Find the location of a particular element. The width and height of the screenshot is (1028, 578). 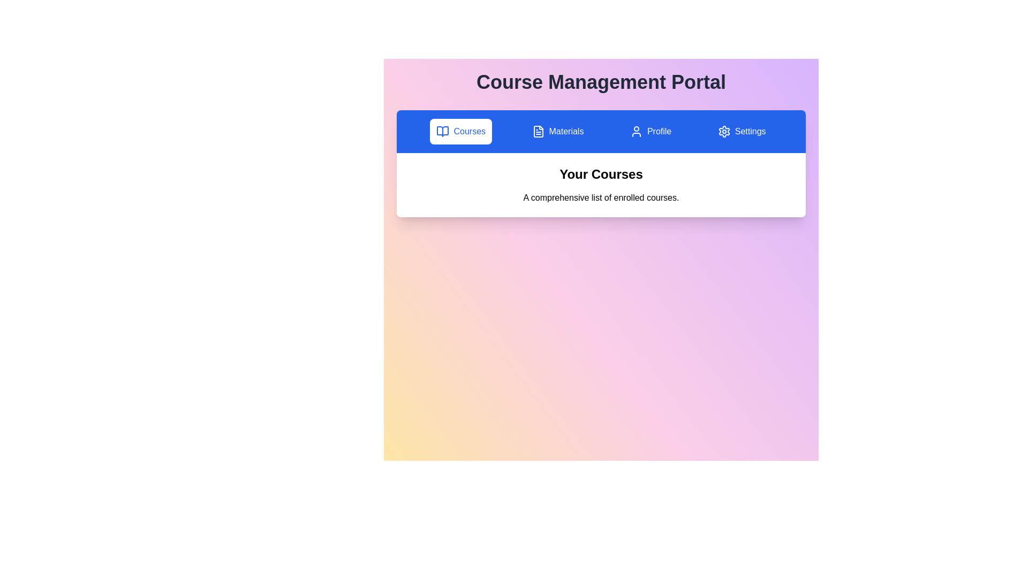

the 'Settings' button, which contains a gear icon SVG graphic is located at coordinates (724, 131).